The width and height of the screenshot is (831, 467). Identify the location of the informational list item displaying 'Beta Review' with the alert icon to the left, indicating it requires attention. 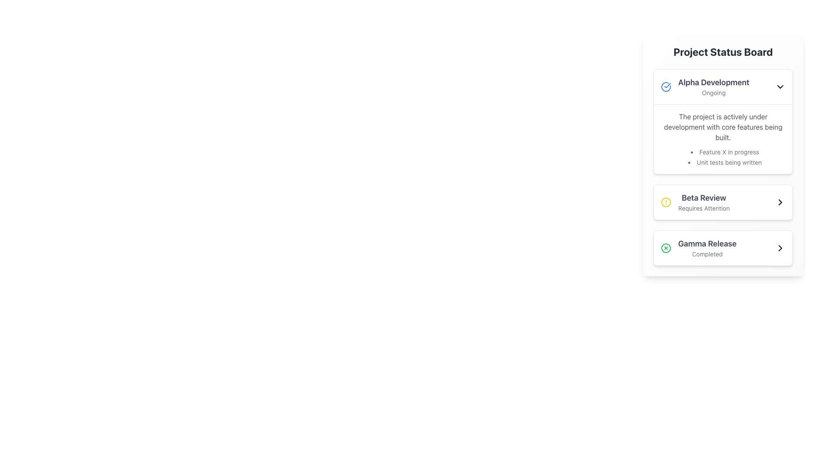
(695, 202).